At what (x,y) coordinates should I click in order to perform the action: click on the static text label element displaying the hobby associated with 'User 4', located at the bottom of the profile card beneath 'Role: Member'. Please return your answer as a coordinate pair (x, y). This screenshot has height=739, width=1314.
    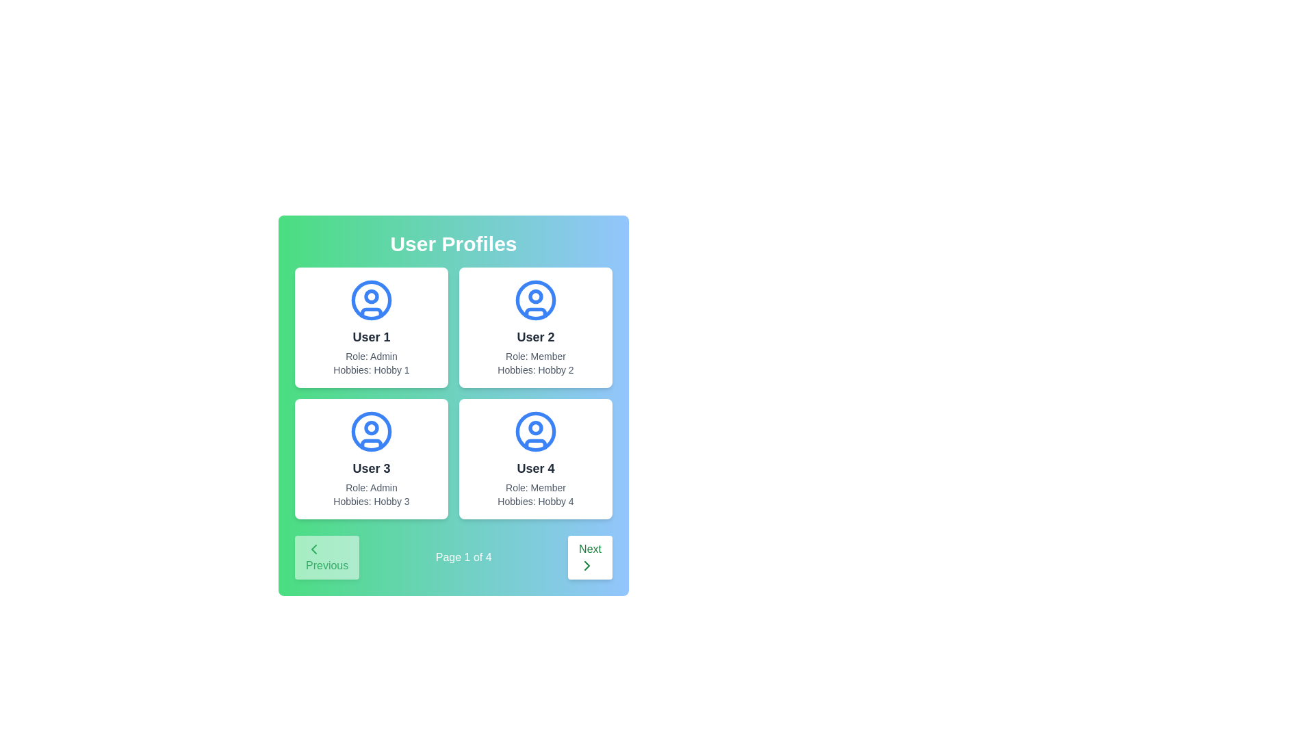
    Looking at the image, I should click on (534, 501).